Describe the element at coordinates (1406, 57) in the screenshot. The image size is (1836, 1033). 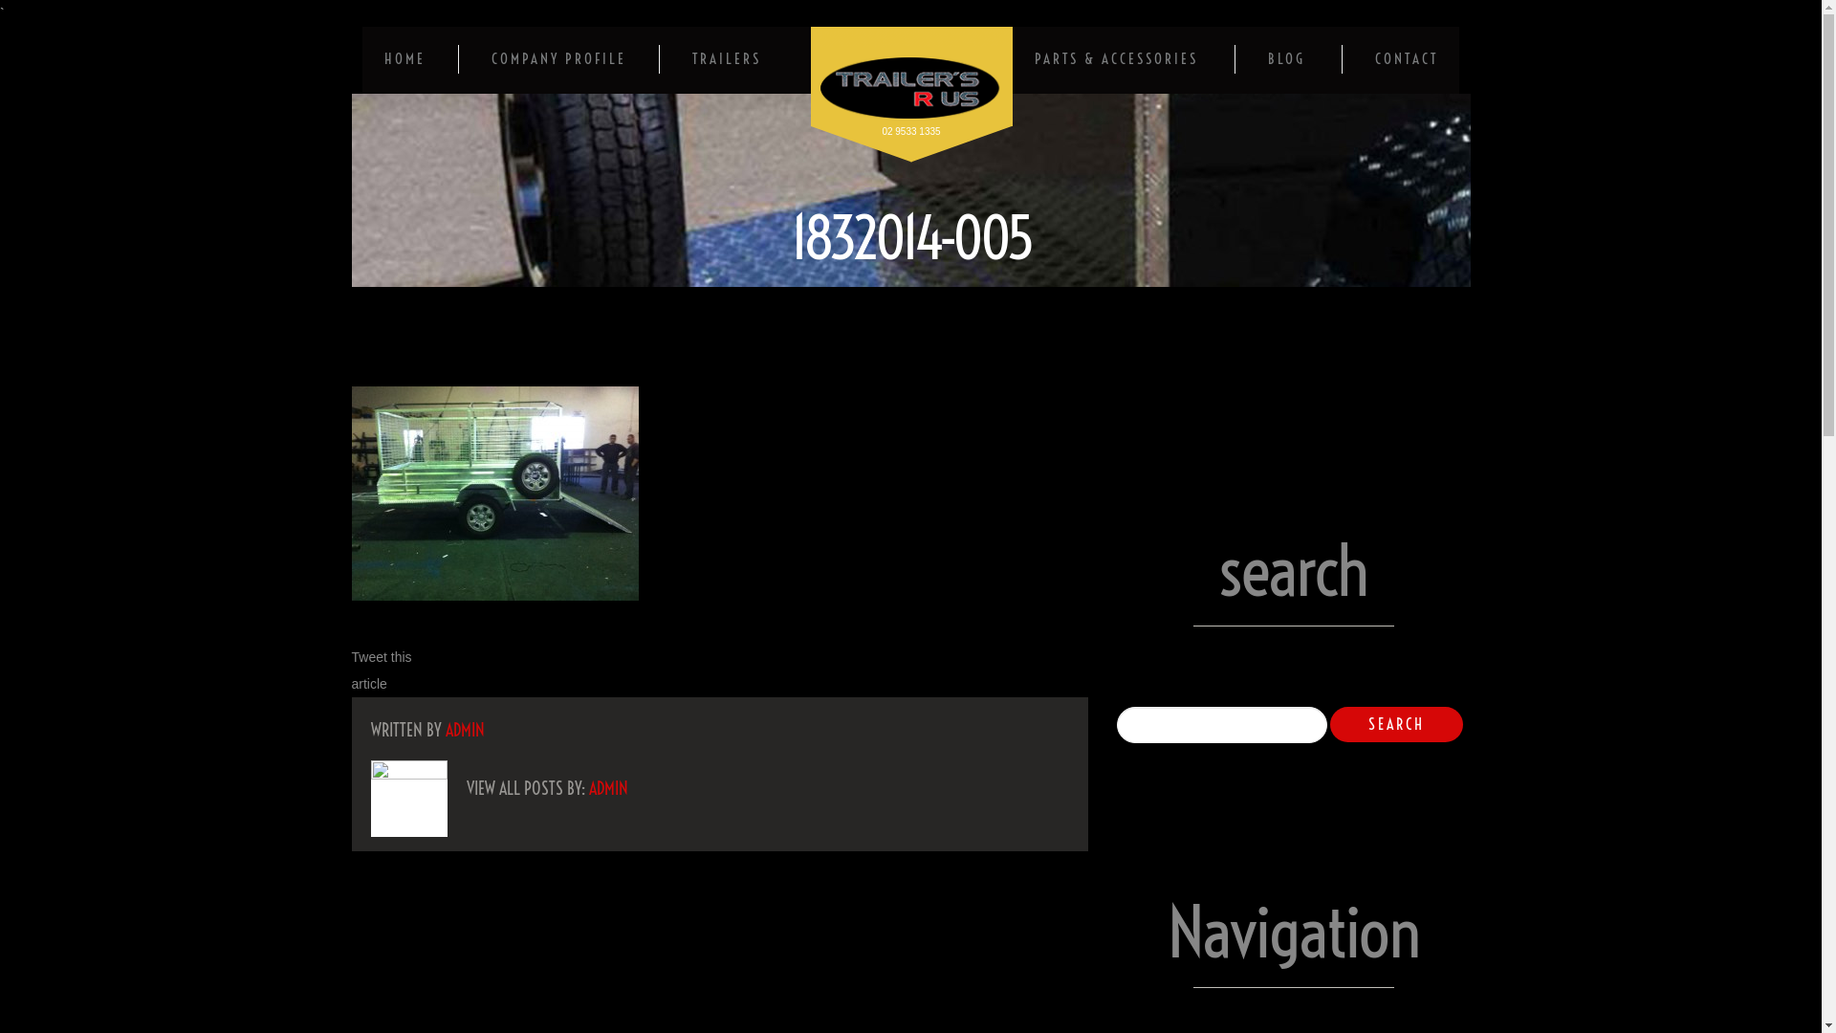
I see `'CONTACT'` at that location.